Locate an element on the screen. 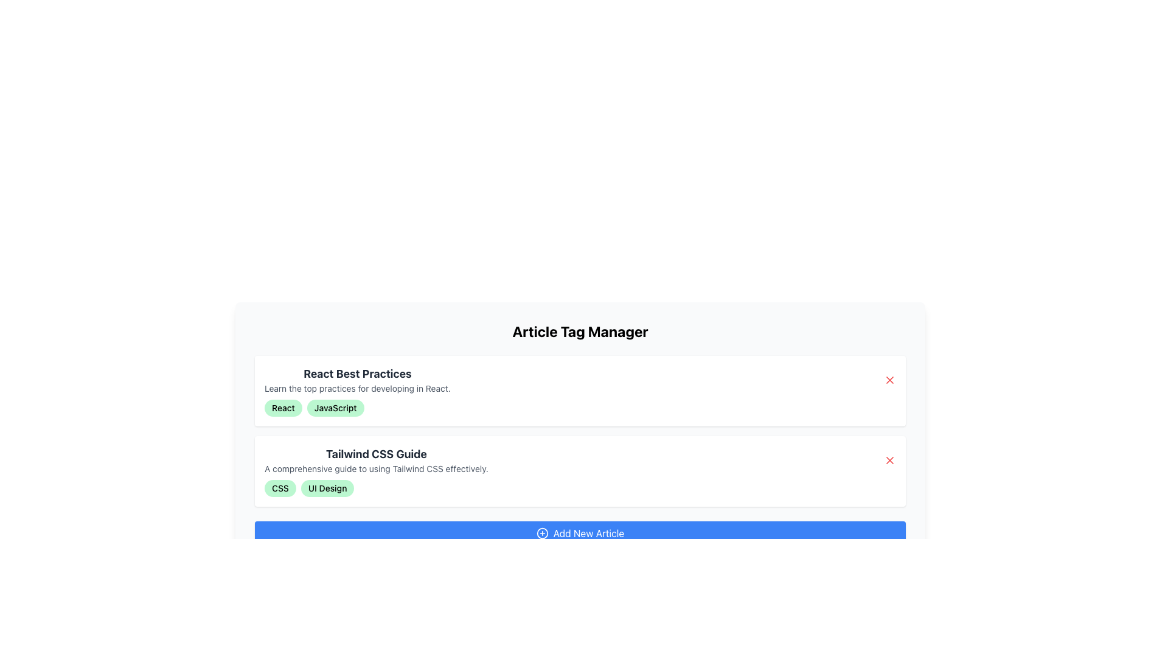 The width and height of the screenshot is (1168, 657). the red 'X' button located at the far-right edge of the first article entry is located at coordinates (890, 379).